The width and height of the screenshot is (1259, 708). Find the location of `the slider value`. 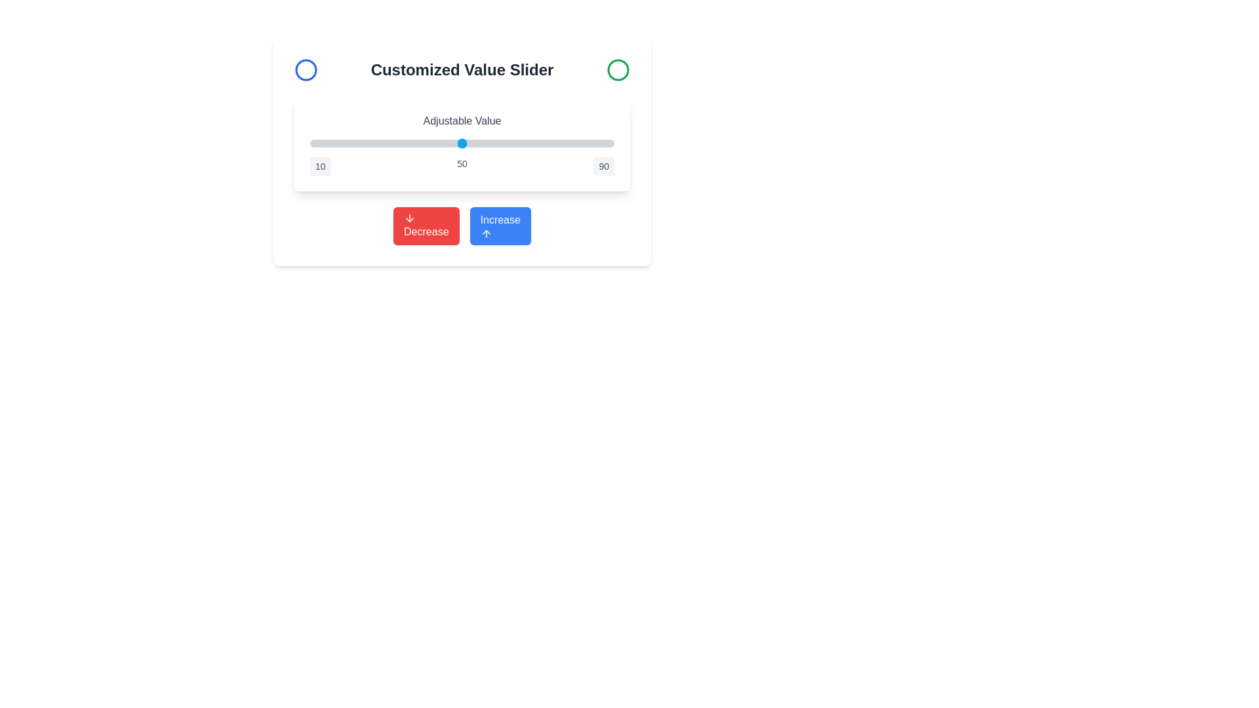

the slider value is located at coordinates (454, 144).